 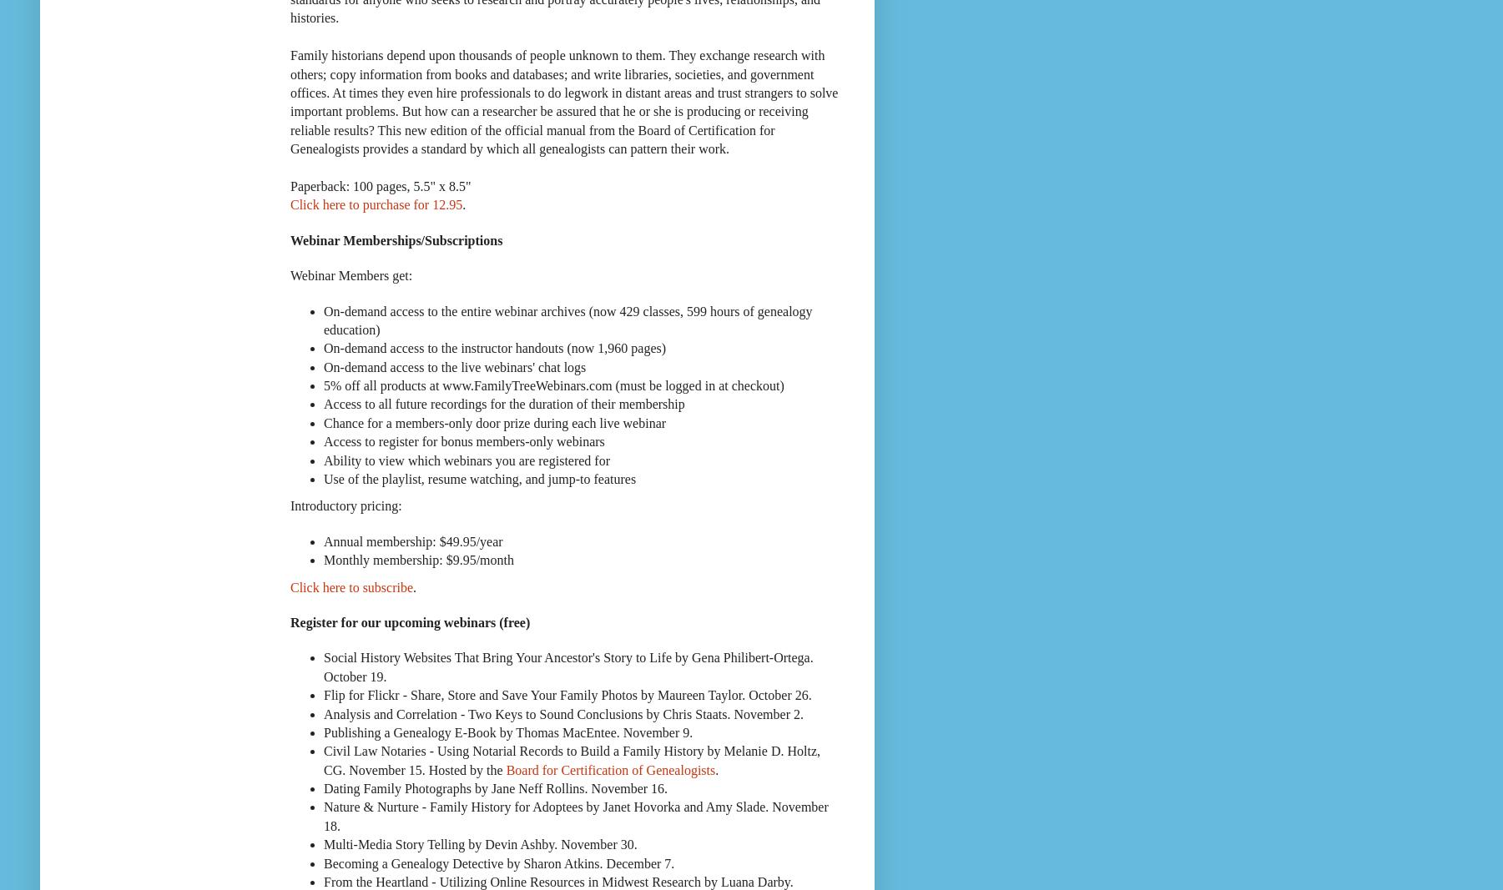 What do you see at coordinates (495, 421) in the screenshot?
I see `'Chance for a members-only door prize during each live webinar'` at bounding box center [495, 421].